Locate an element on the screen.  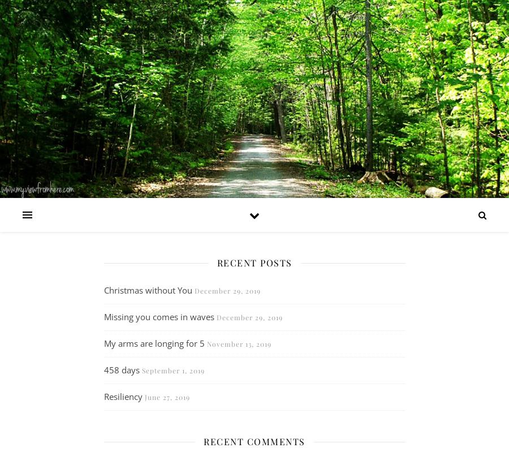
'My arms are longing for 5' is located at coordinates (153, 342).